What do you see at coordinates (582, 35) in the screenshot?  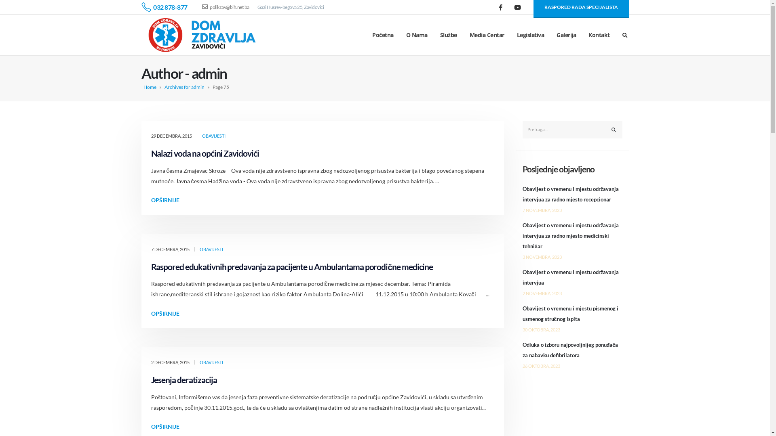 I see `'Kontakt'` at bounding box center [582, 35].